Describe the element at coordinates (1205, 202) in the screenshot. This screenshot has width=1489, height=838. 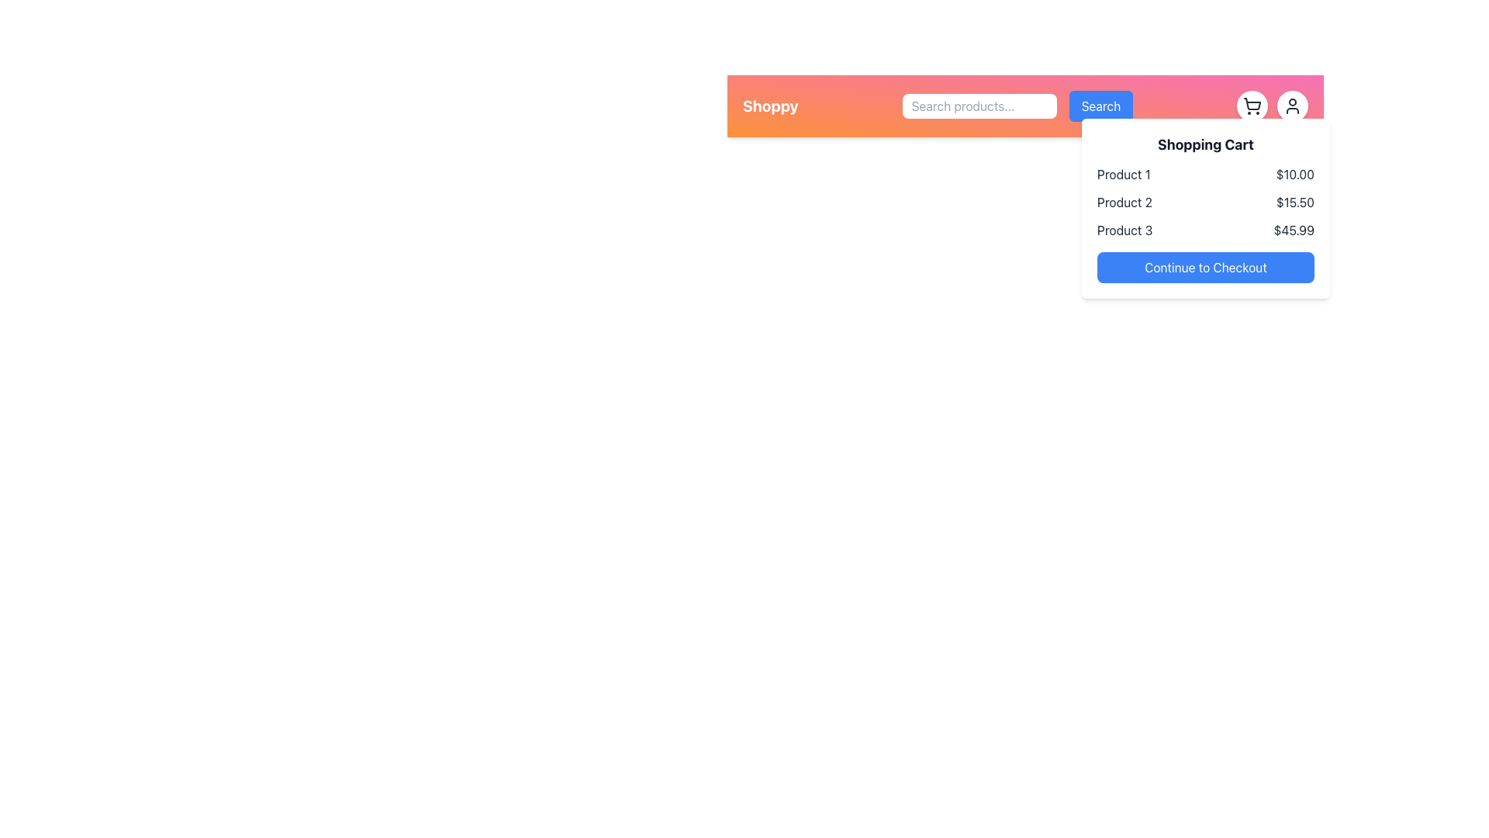
I see `product name and price displayed in the second row of the shopping cart, which is positioned between 'Product 1' and 'Product 3'` at that location.